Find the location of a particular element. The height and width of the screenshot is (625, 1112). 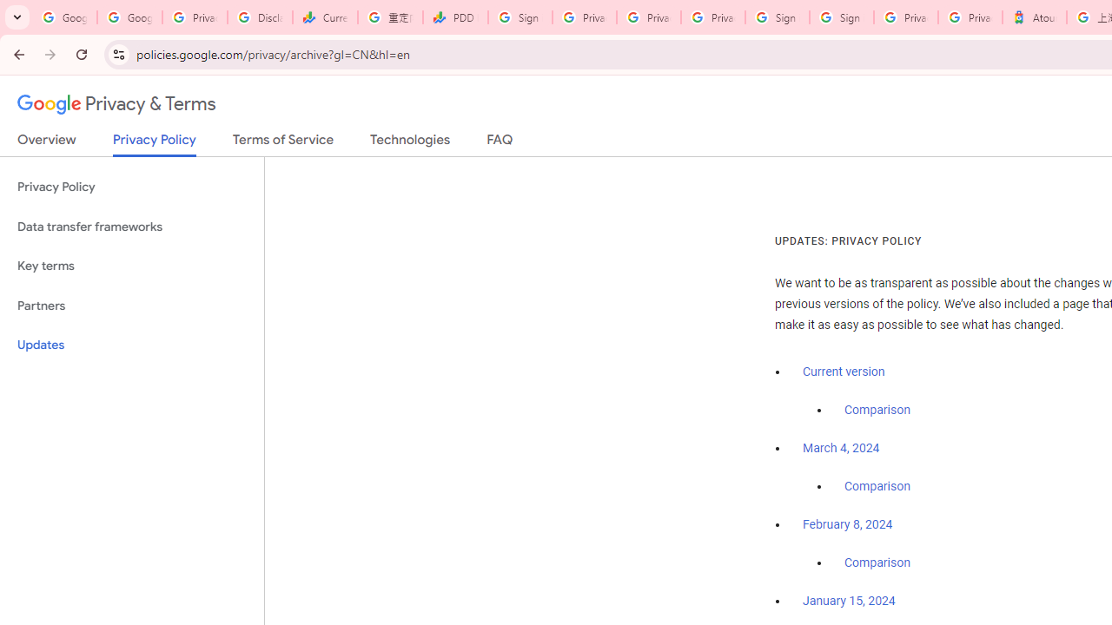

'Atour Hotel - Google hotels' is located at coordinates (1035, 17).